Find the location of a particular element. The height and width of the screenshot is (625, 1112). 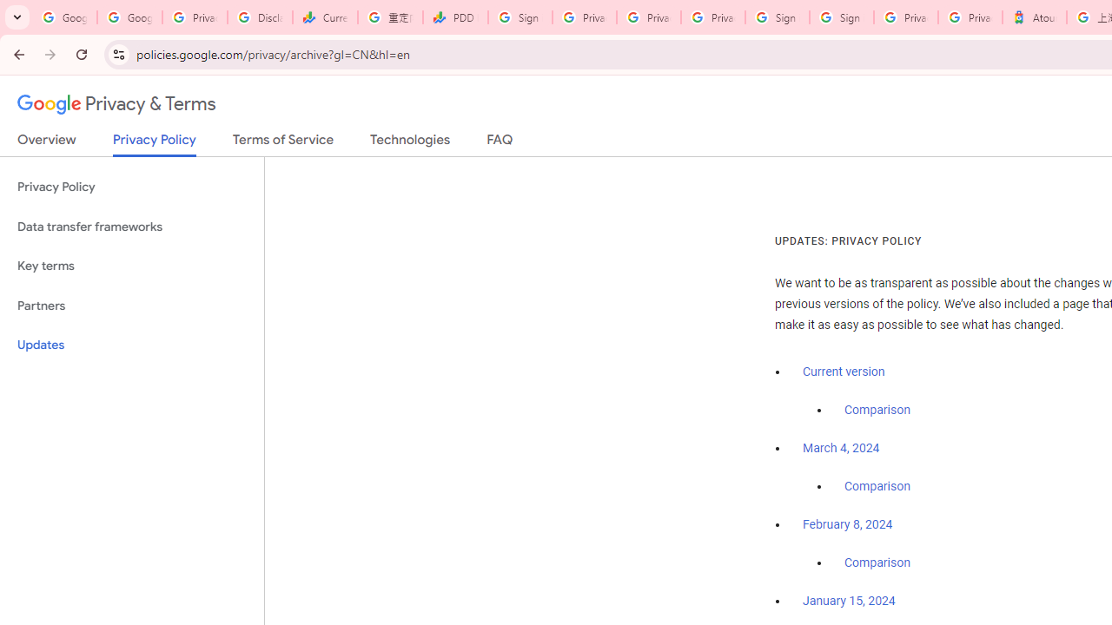

'Atour Hotel - Google hotels' is located at coordinates (1035, 17).